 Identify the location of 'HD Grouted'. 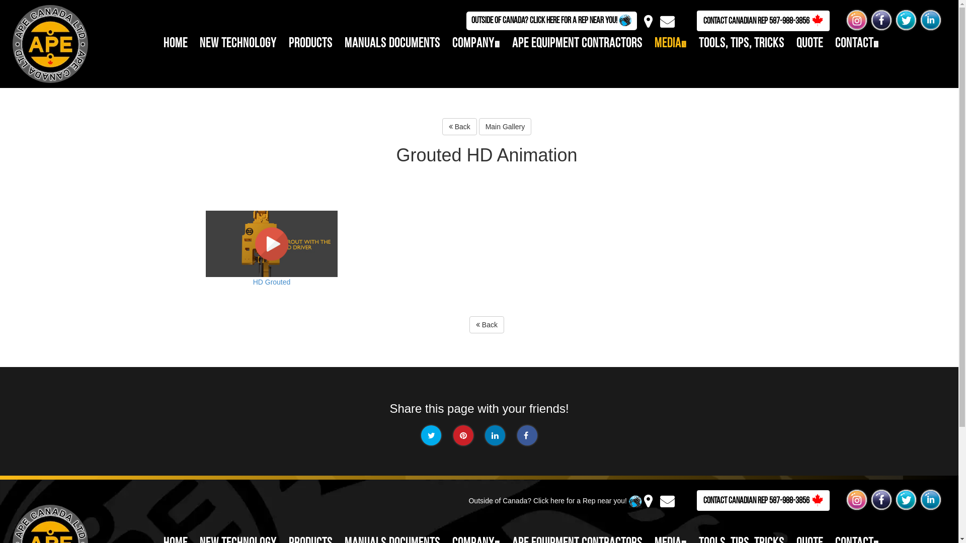
(271, 260).